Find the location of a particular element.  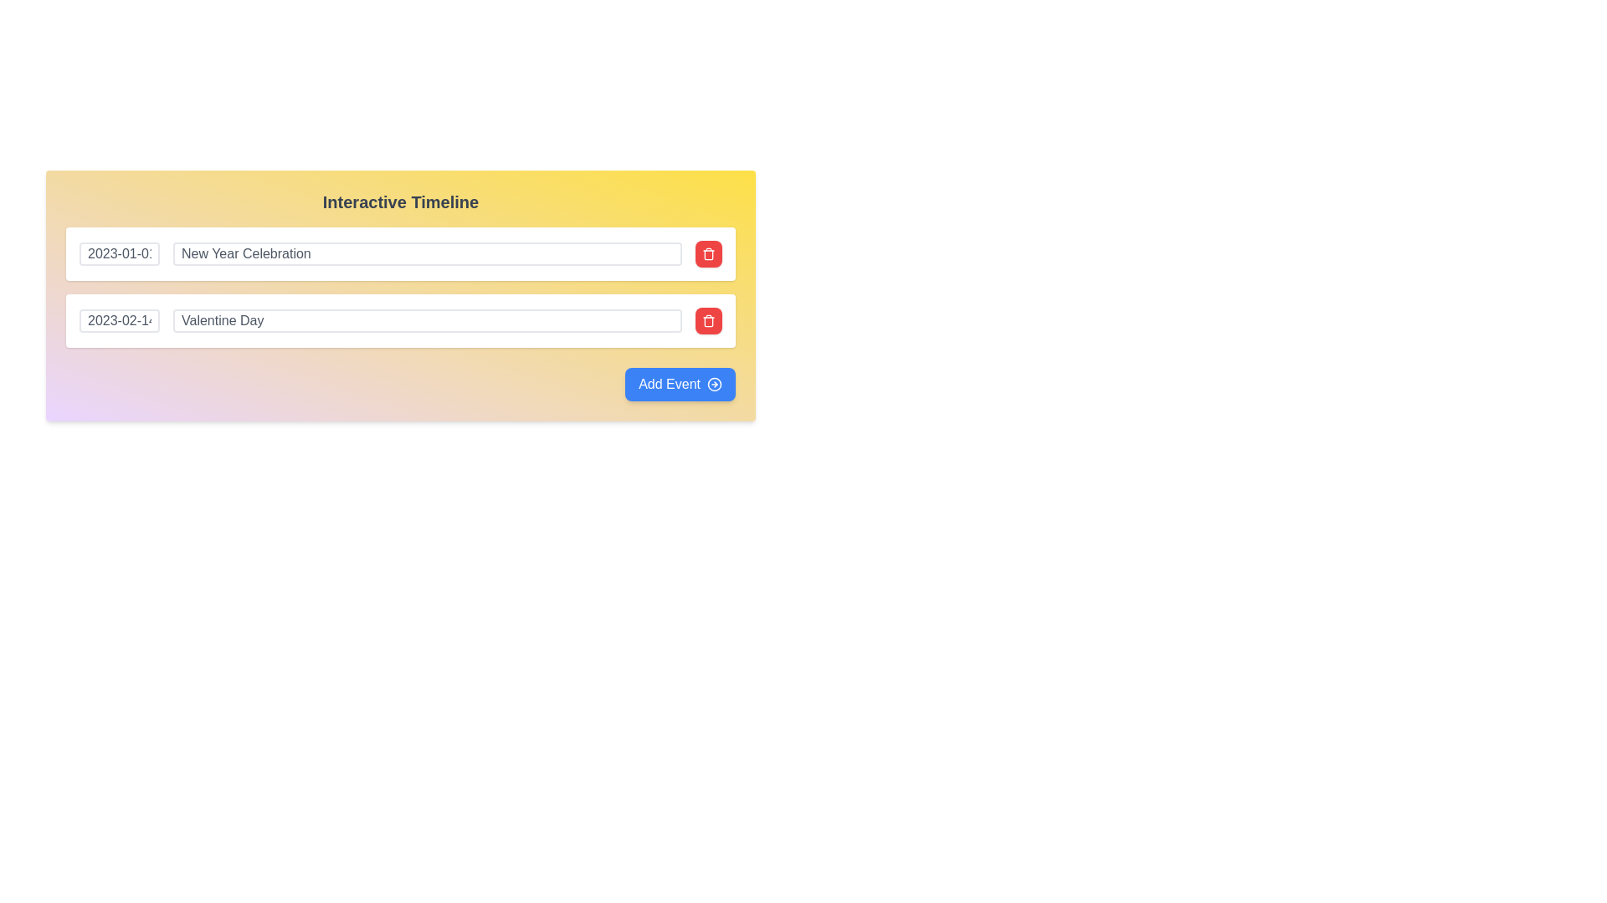

the red rectangular button with a white trash can icon located at the far-right end of the second row is located at coordinates (708, 321).